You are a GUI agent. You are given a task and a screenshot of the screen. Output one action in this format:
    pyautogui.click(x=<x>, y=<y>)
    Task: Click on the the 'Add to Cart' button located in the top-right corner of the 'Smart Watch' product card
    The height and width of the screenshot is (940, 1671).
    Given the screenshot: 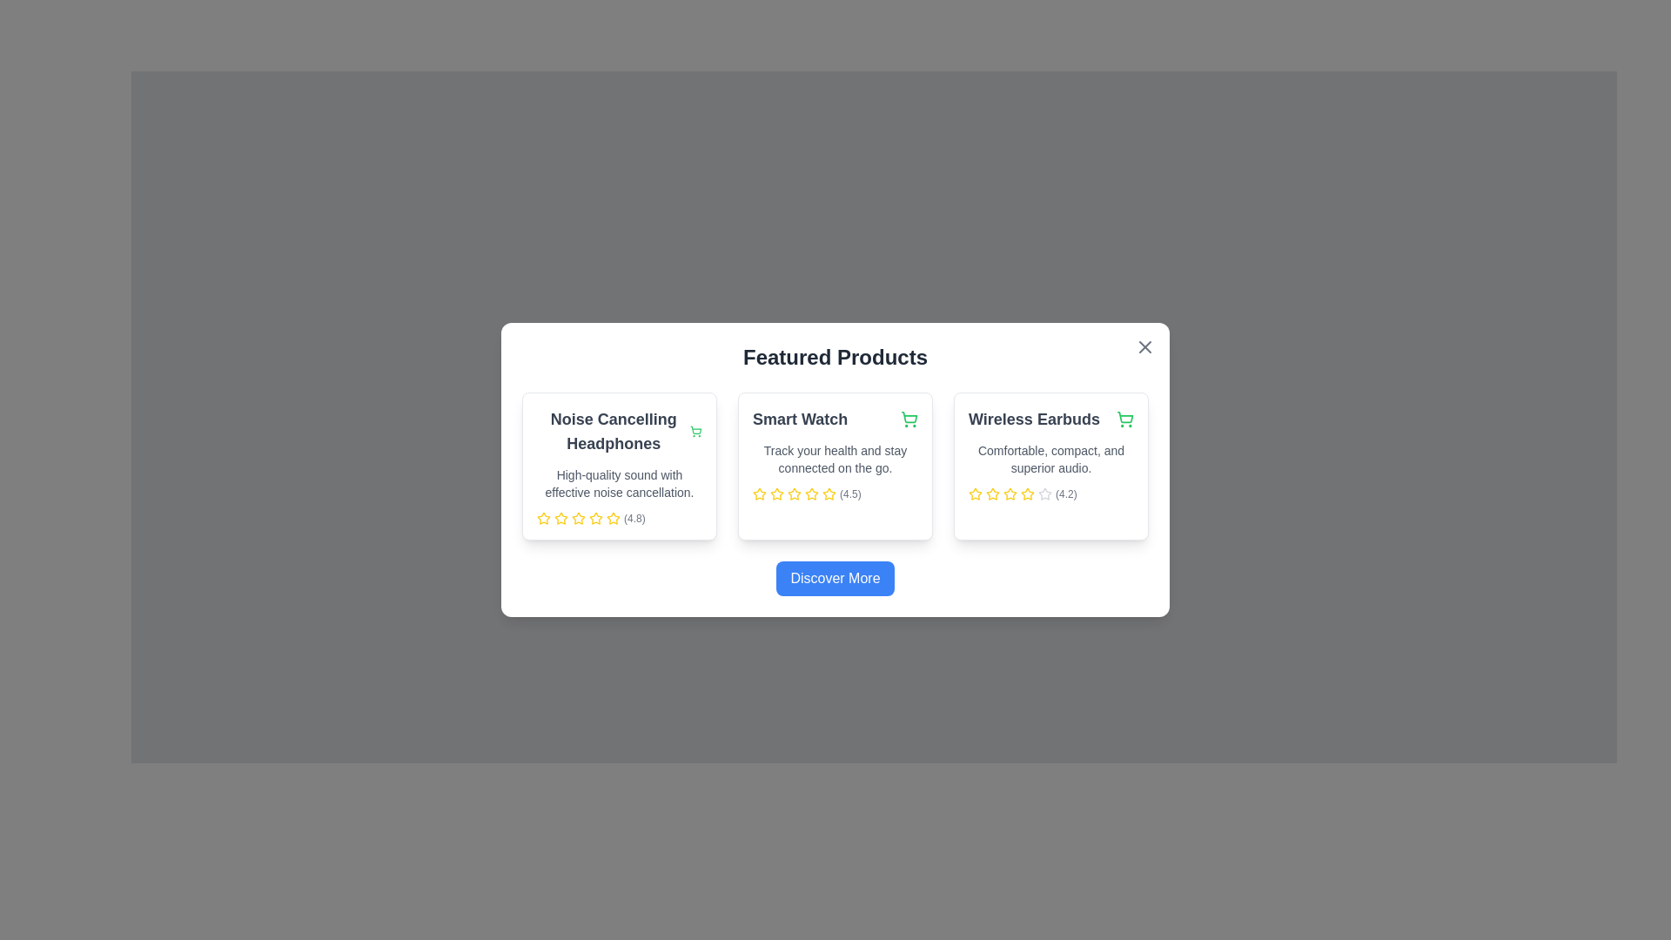 What is the action you would take?
    pyautogui.click(x=909, y=420)
    